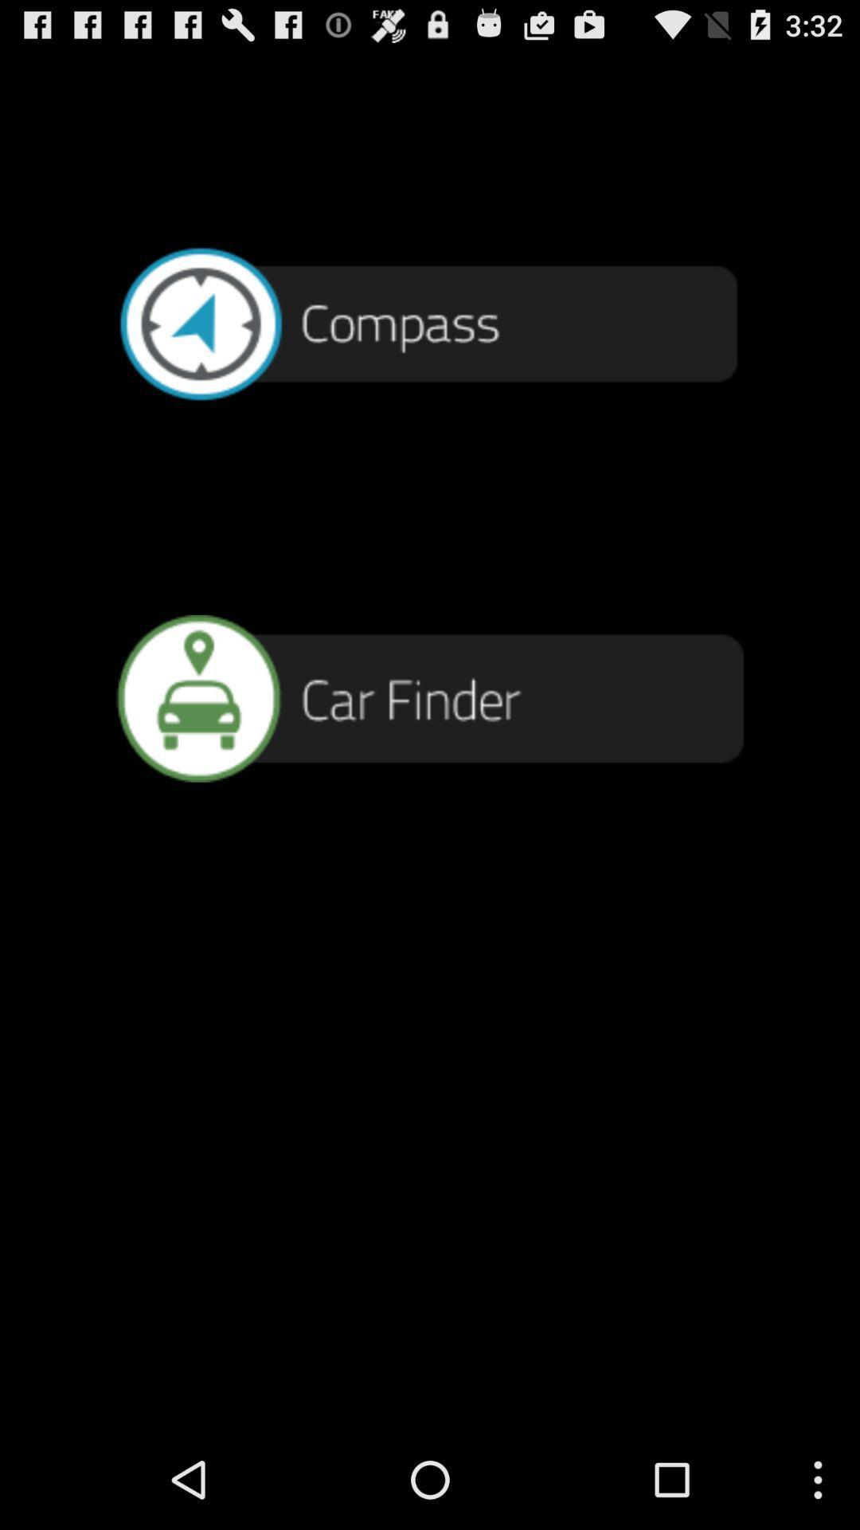  I want to click on find car, so click(430, 698).